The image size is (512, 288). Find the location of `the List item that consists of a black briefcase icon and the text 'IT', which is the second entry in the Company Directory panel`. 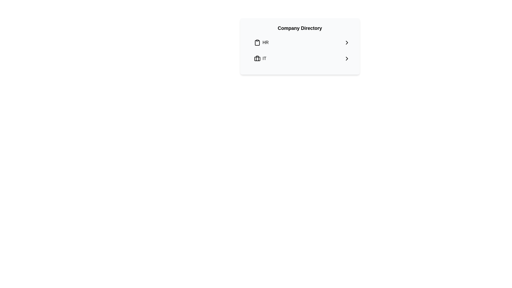

the List item that consists of a black briefcase icon and the text 'IT', which is the second entry in the Company Directory panel is located at coordinates (260, 58).